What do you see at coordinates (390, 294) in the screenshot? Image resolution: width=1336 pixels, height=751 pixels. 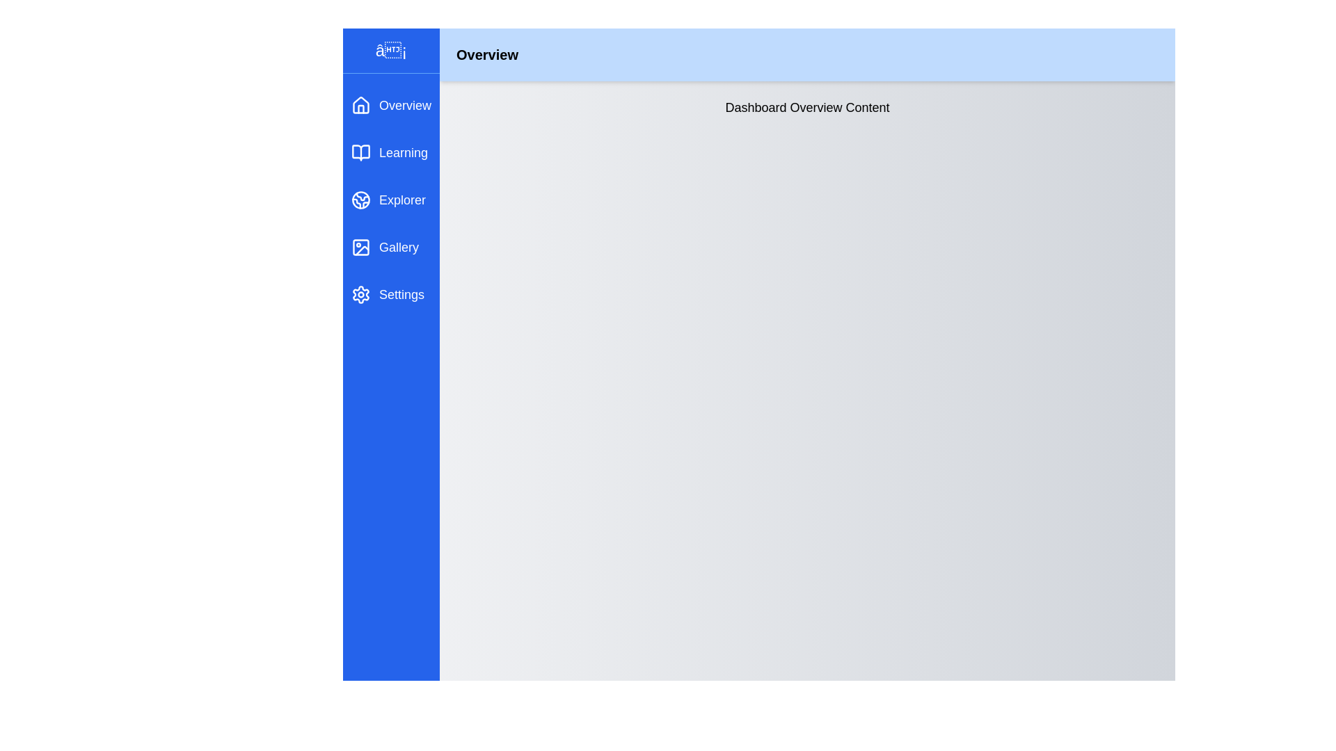 I see `the 'Settings' button with a gear icon in the vertical navigation menu` at bounding box center [390, 294].